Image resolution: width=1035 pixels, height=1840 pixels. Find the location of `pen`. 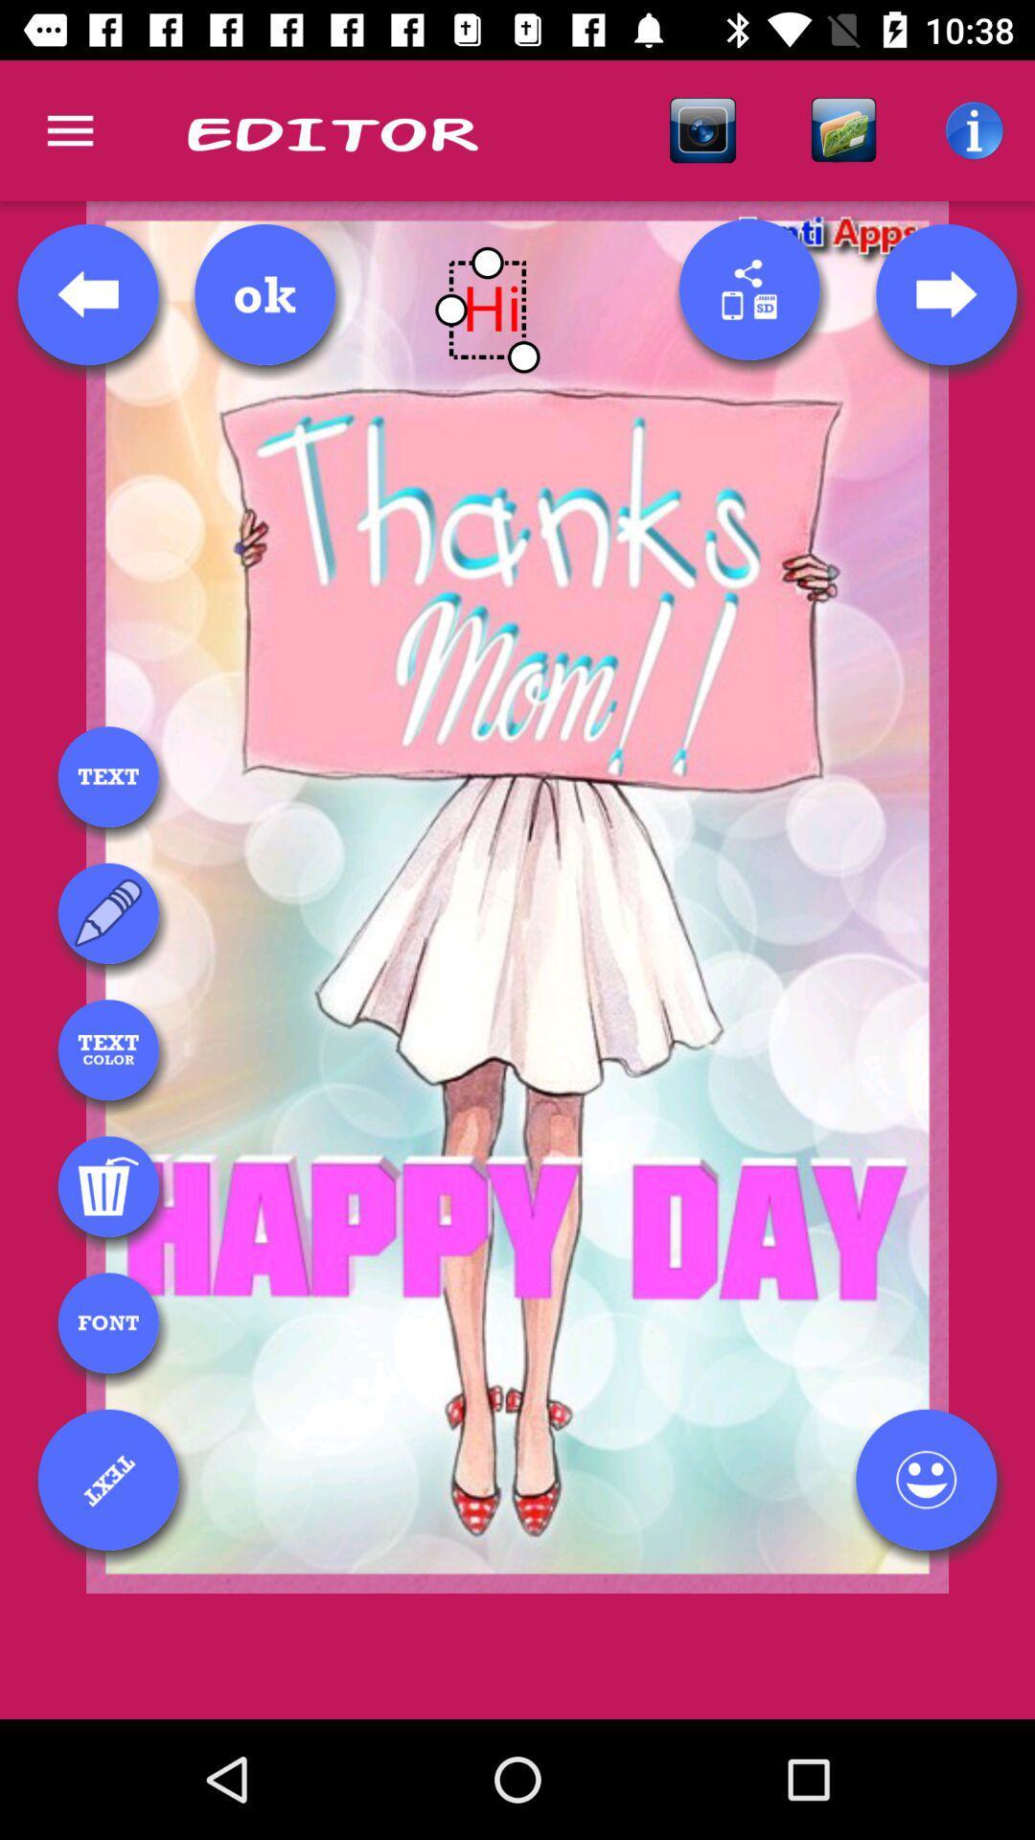

pen is located at coordinates (108, 912).